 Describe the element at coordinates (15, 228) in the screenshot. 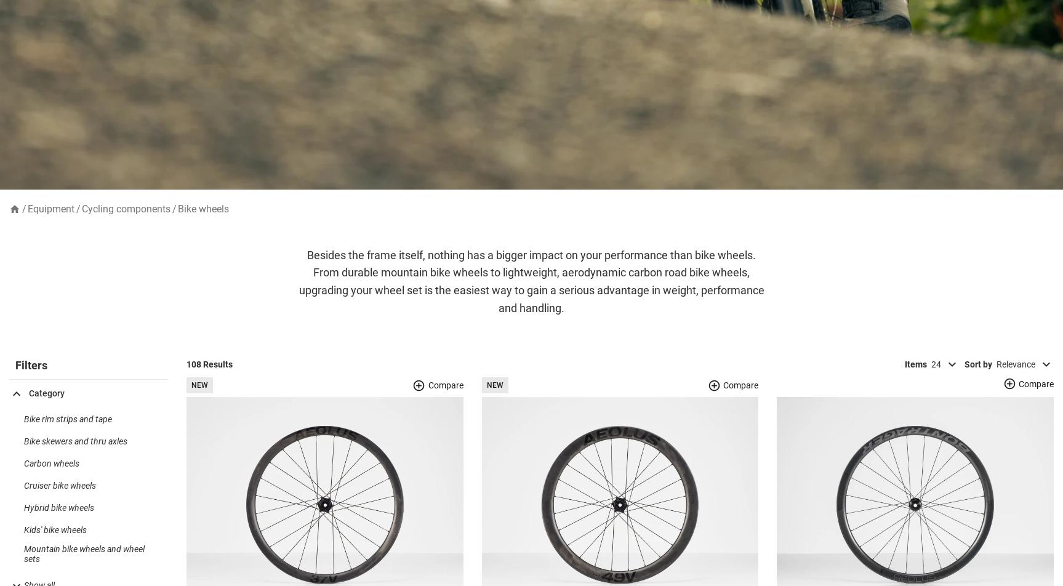

I see `'home'` at that location.